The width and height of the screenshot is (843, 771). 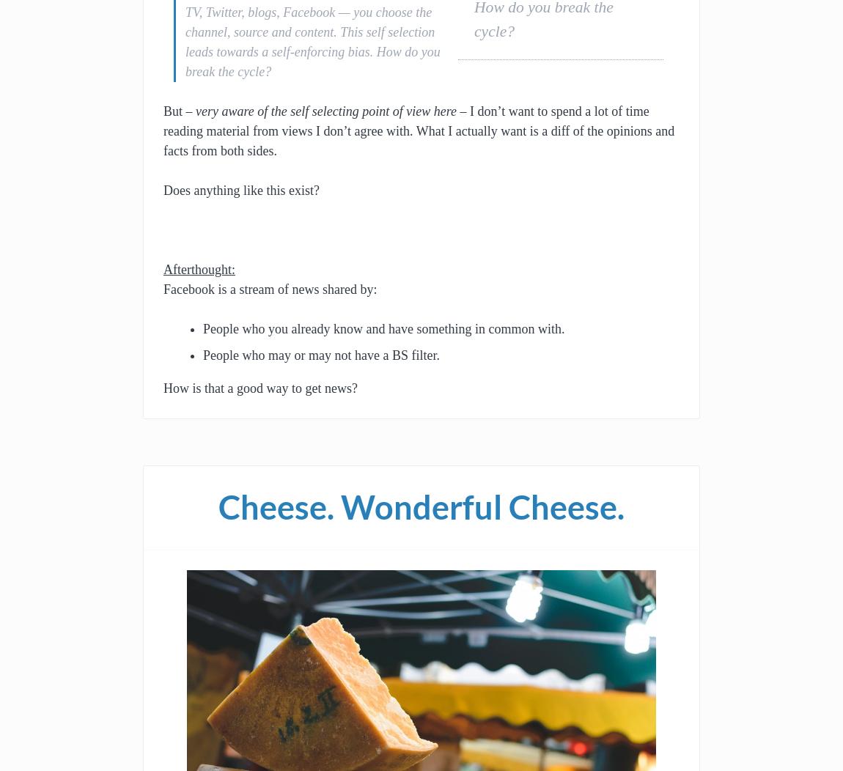 I want to click on 'Afterthought:', so click(x=198, y=269).